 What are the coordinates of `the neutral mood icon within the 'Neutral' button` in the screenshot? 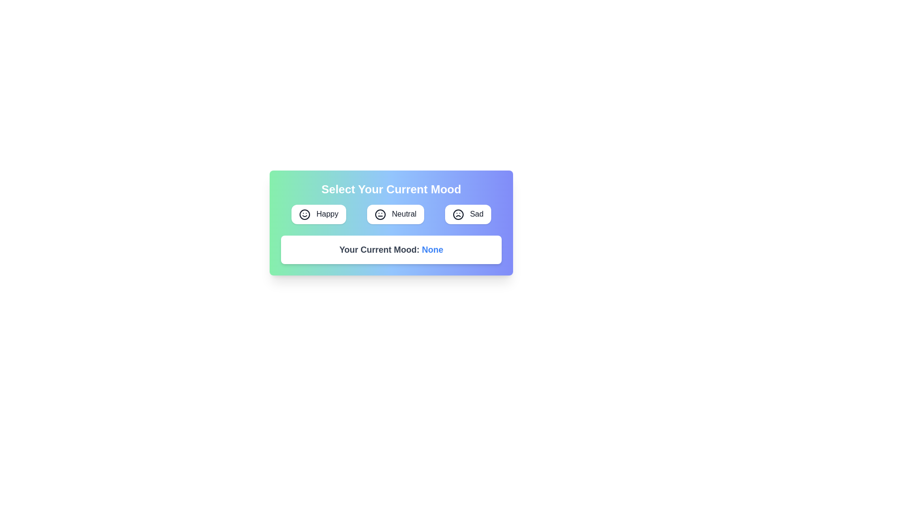 It's located at (379, 214).